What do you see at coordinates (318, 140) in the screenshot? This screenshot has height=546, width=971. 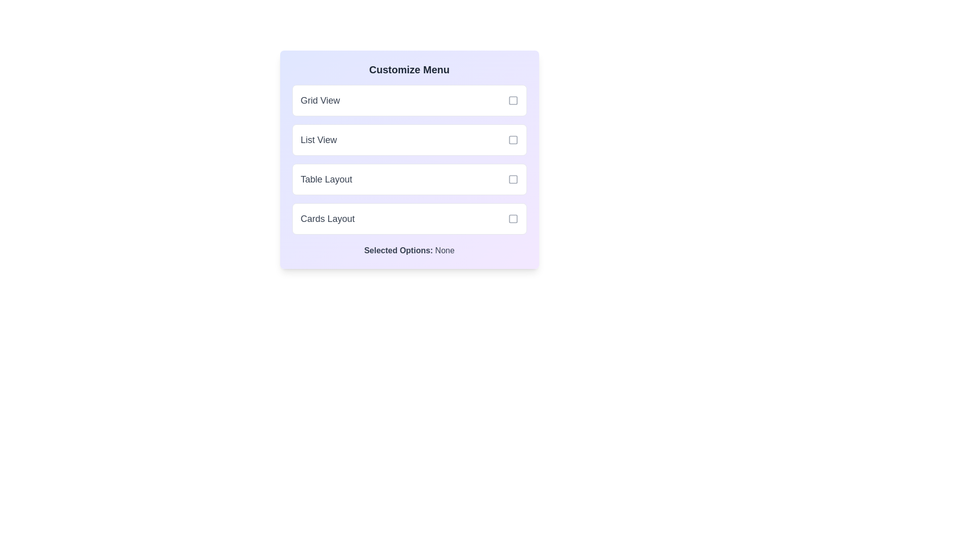 I see `text from the 'List View' text label, which is the second item in the vertical menu of options, displayed in a larger bold font style and medium gray color` at bounding box center [318, 140].